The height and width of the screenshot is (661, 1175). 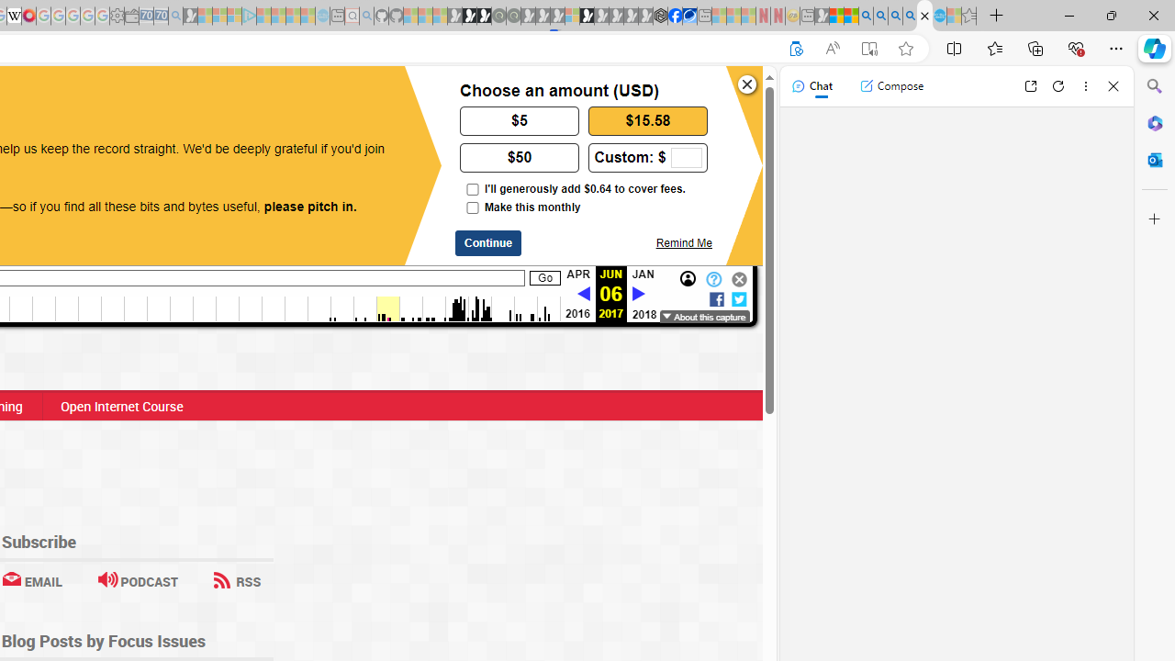 What do you see at coordinates (120, 405) in the screenshot?
I see `'Open Internet Course'` at bounding box center [120, 405].